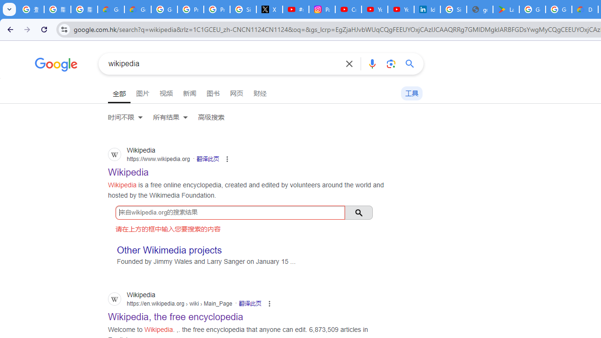  What do you see at coordinates (190, 9) in the screenshot?
I see `'Privacy Help Center - Policies Help'` at bounding box center [190, 9].